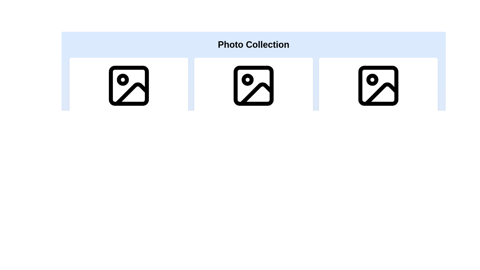 The width and height of the screenshot is (480, 270). I want to click on the main rectangular portion of the third thumbnail in the 'Photo Collection' section, which serves as a graphical representation of an image or photo, so click(378, 85).